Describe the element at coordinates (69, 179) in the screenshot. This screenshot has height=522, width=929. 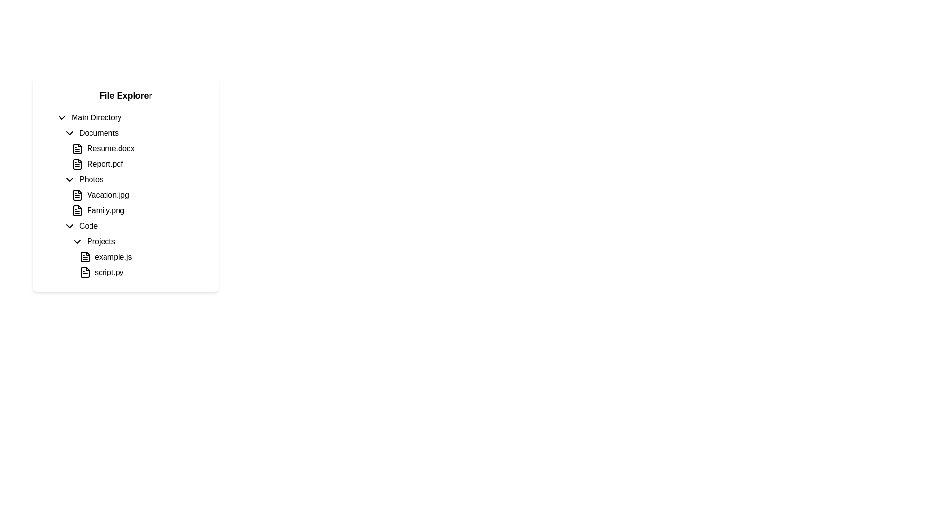
I see `the toggle button (chevron-down icon) that expands or collapses the 'Photos' section in the file directory, located to the left of the 'Photos' label` at that location.